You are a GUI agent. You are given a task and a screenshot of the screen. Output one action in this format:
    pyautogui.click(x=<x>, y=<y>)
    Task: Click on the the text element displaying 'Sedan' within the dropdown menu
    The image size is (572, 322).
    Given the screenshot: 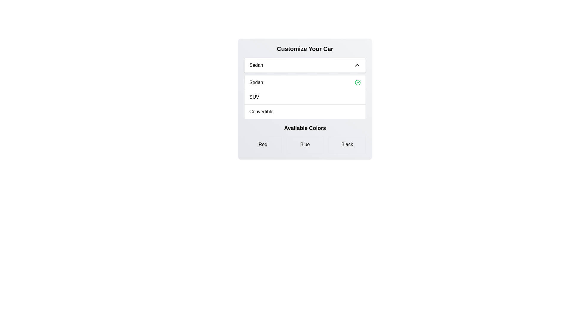 What is the action you would take?
    pyautogui.click(x=256, y=65)
    